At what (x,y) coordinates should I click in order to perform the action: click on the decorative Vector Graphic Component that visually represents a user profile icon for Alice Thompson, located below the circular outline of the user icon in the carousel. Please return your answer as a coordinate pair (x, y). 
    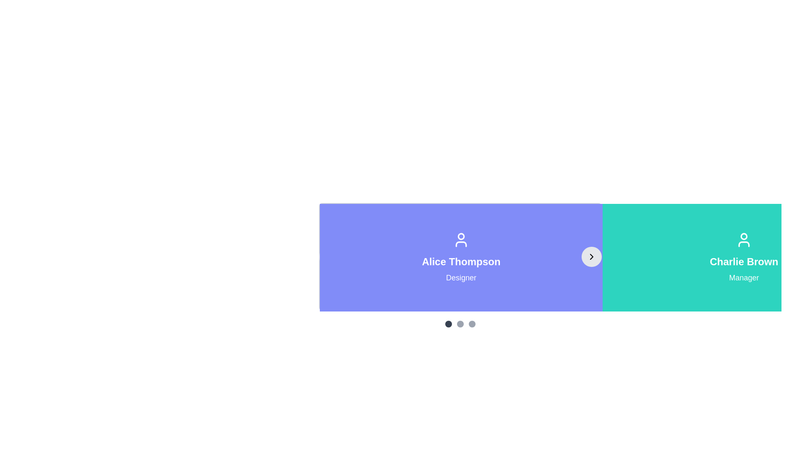
    Looking at the image, I should click on (460, 244).